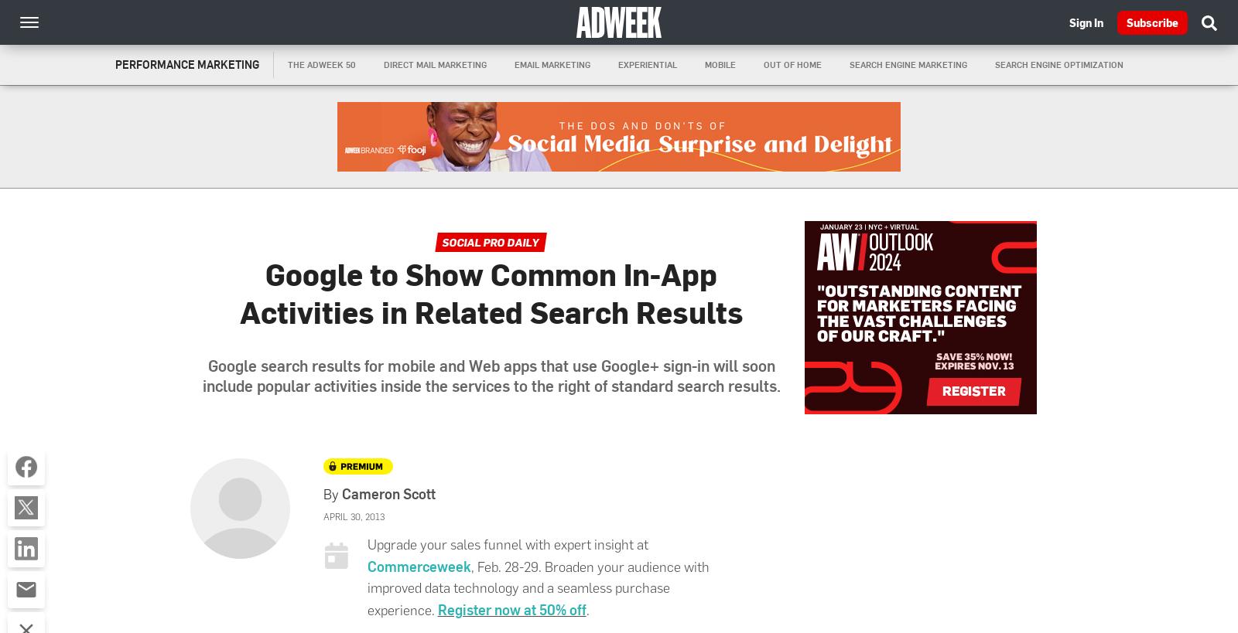 This screenshot has height=633, width=1238. Describe the element at coordinates (538, 587) in the screenshot. I see `', Feb. 28-29. Broaden your audience with improved data technology and a seamless purchase experience.'` at that location.